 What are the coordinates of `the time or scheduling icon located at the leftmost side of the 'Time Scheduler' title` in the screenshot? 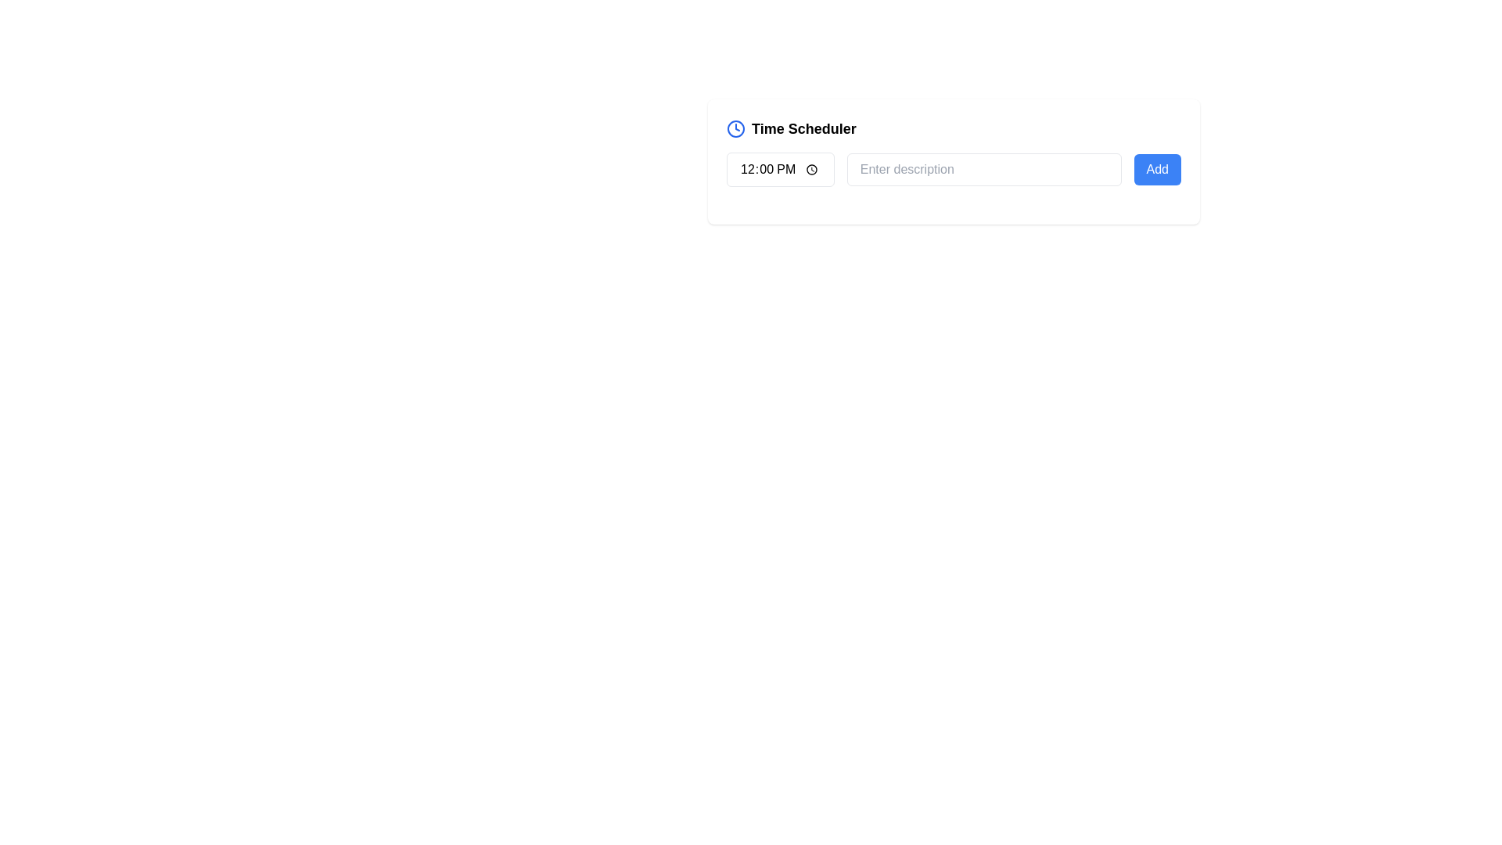 It's located at (735, 128).